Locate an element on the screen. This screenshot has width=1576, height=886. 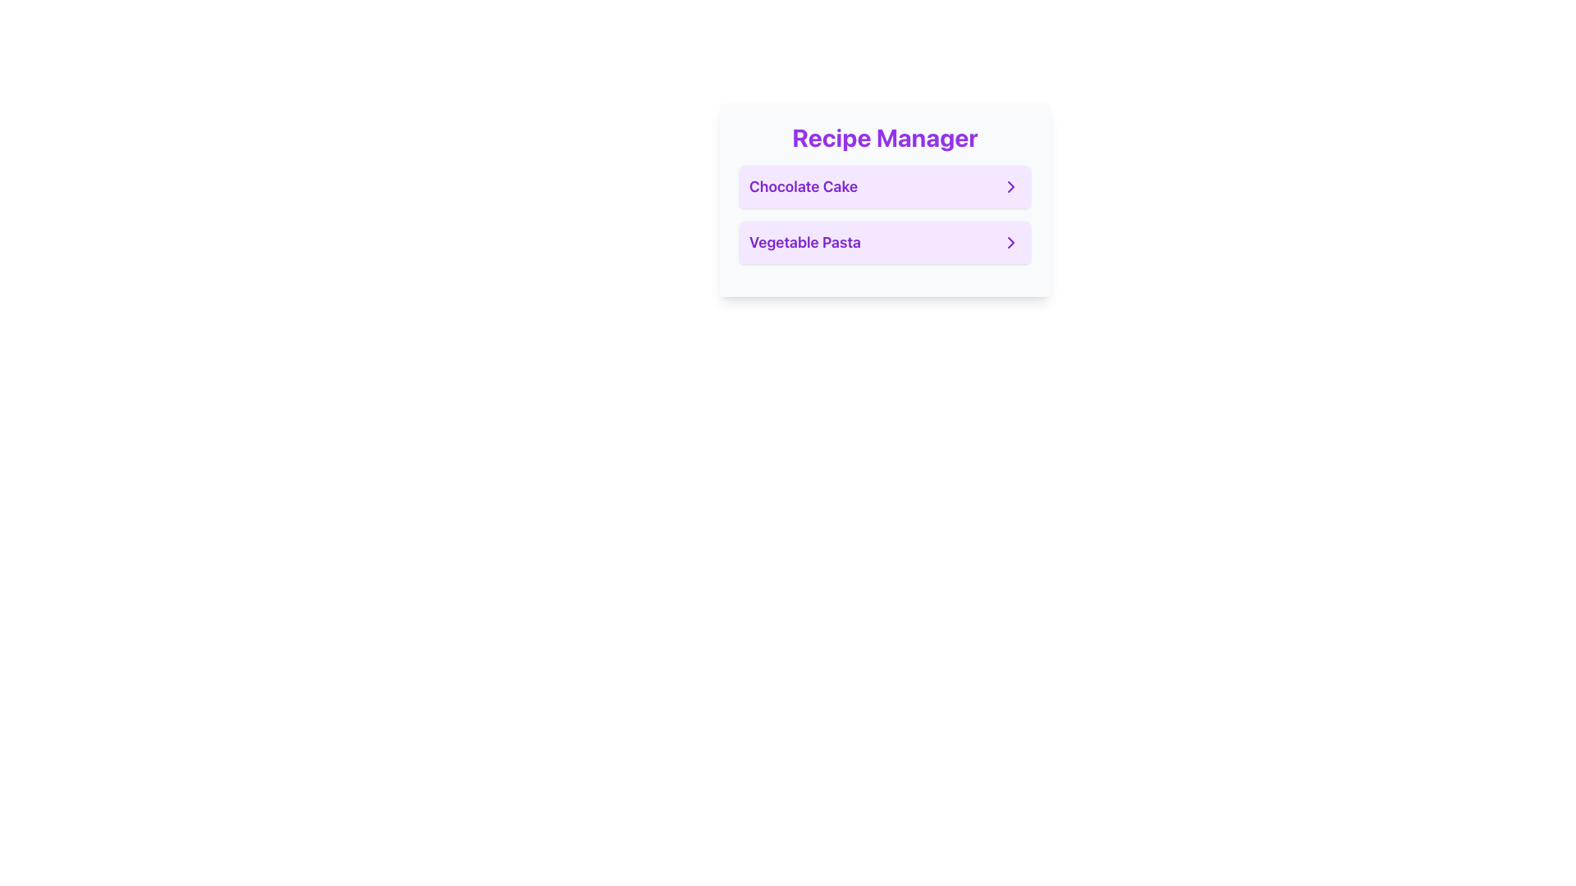
the Text Label that indicates the name of the recipe item 'Vegetable Pasta', located in the middle-left section of the second card in the 'Recipe Manager' panel is located at coordinates (804, 243).